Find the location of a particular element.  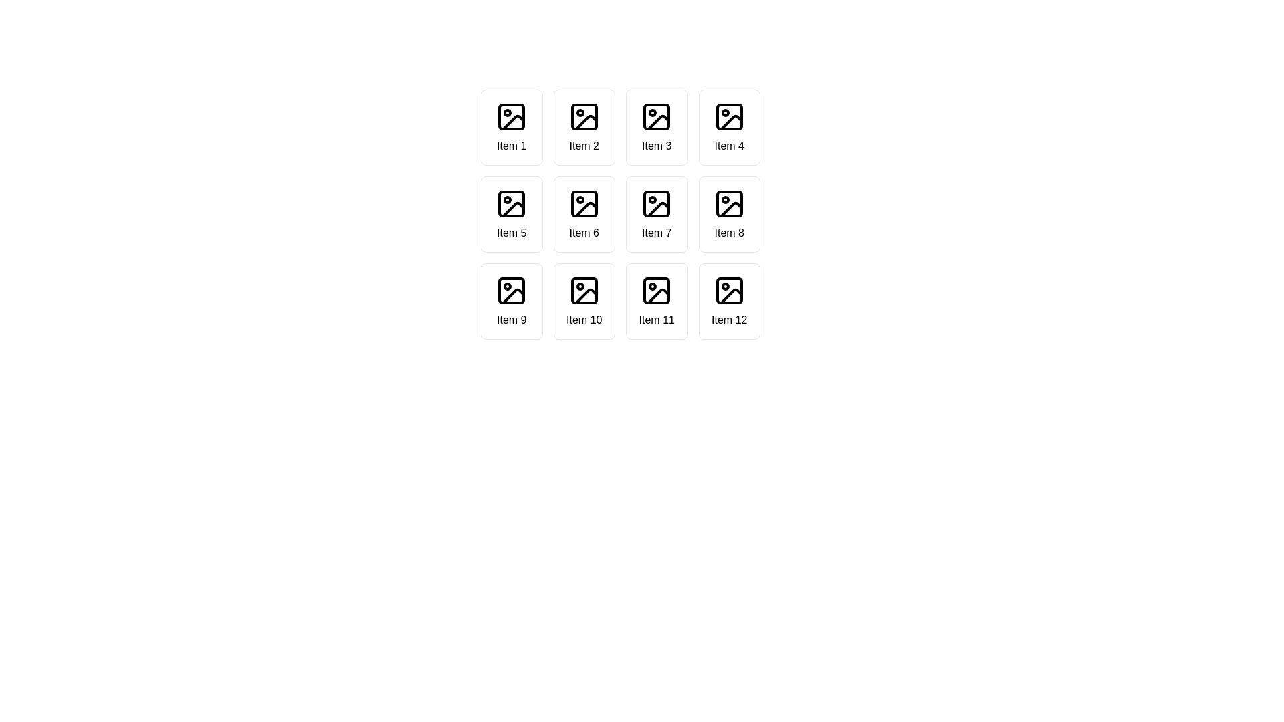

the Text label in the second row of the grid layout, which serves as a descriptive label for the item it represents is located at coordinates (584, 232).